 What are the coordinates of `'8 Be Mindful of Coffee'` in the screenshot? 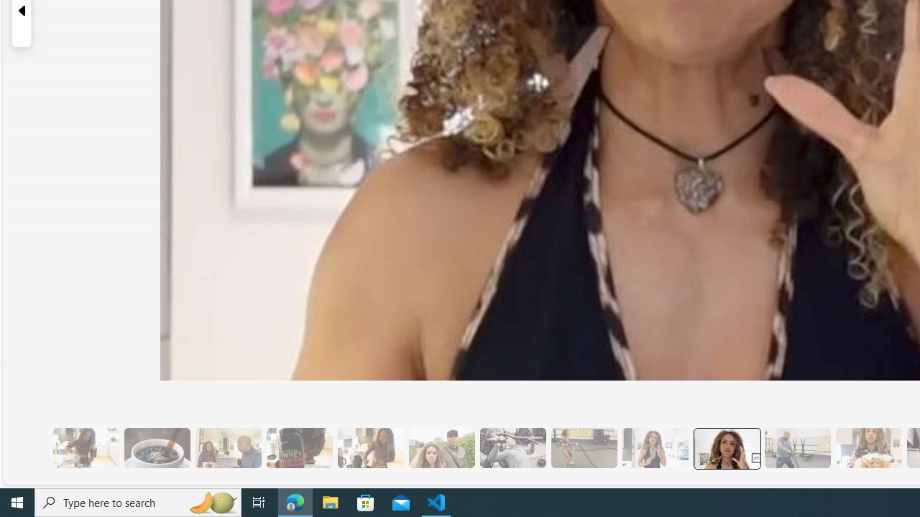 It's located at (157, 447).